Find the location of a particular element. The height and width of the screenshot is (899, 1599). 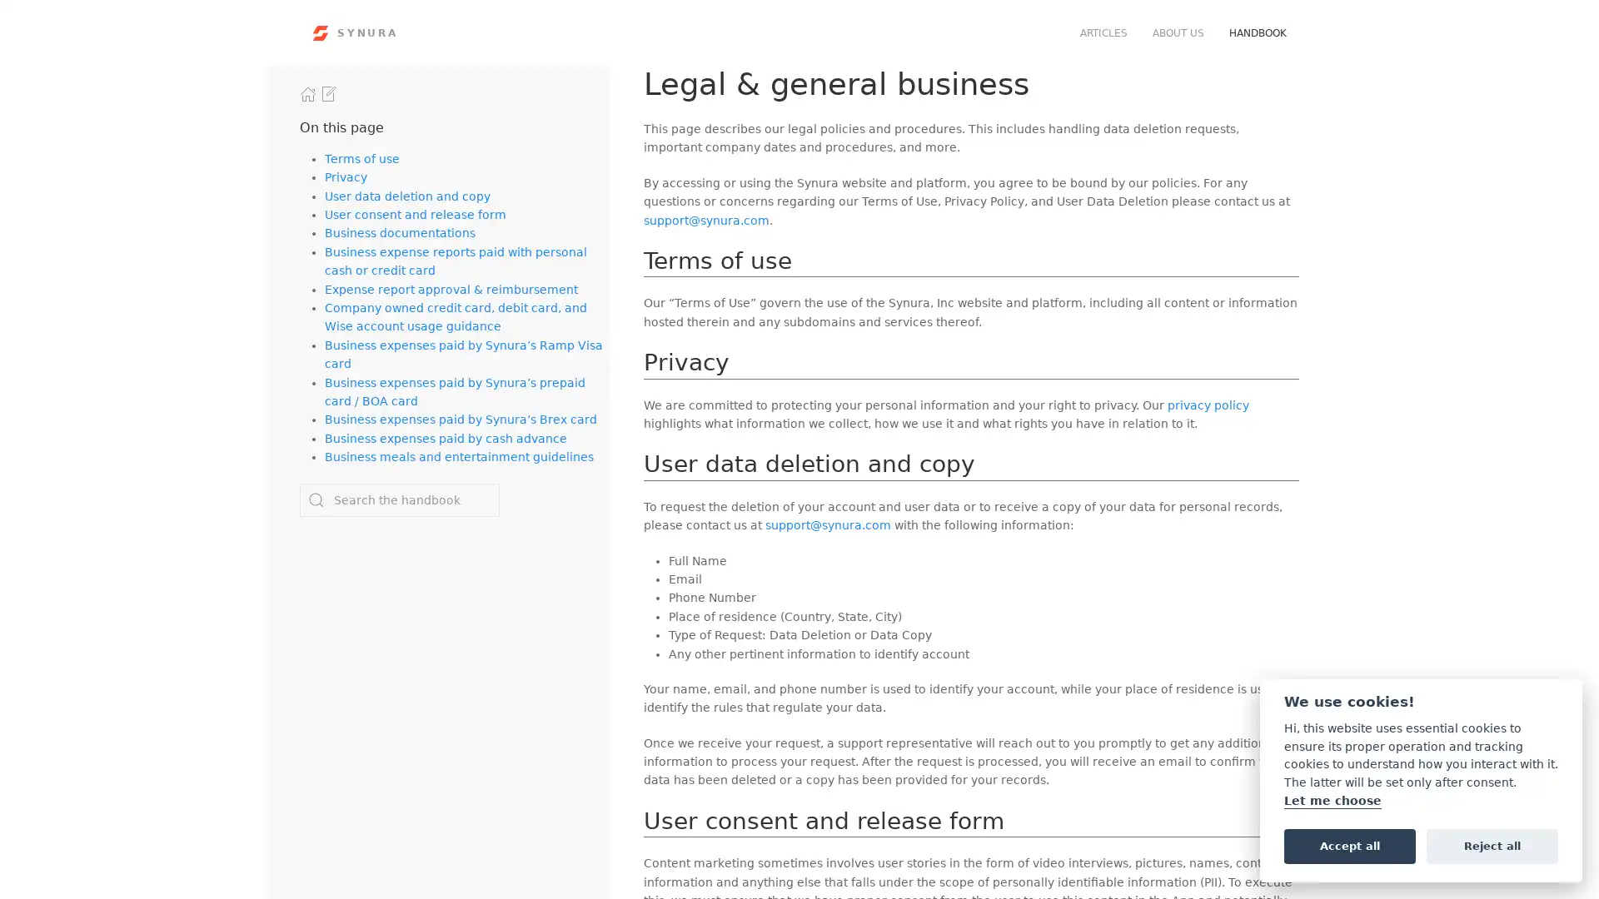

Accept all is located at coordinates (1349, 845).